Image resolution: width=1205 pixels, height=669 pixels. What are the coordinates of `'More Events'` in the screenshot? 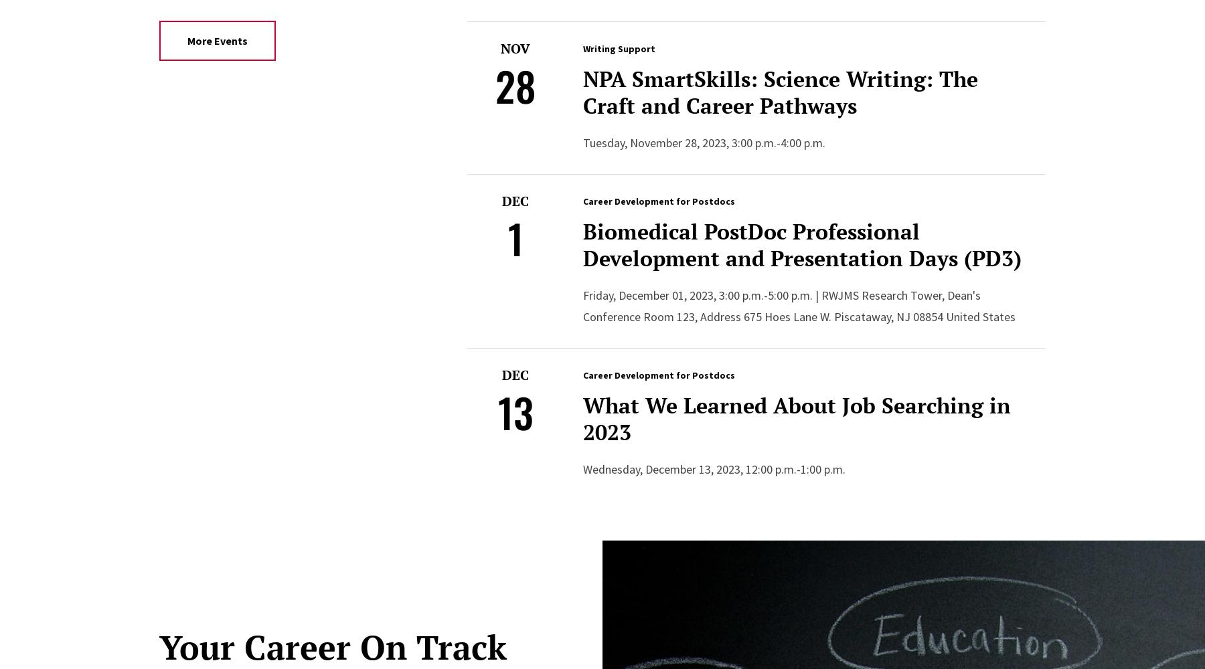 It's located at (216, 40).